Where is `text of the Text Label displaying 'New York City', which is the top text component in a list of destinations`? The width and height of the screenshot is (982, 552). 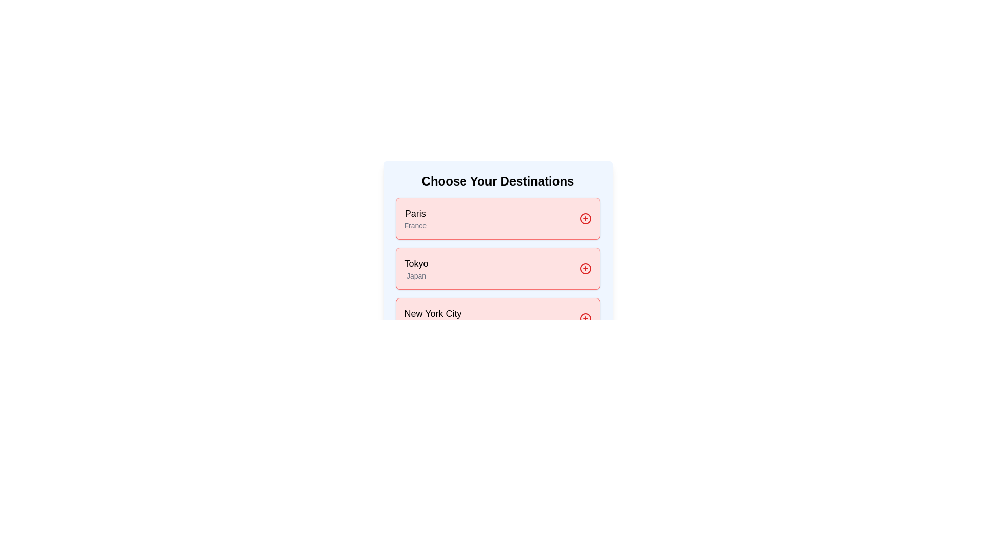
text of the Text Label displaying 'New York City', which is the top text component in a list of destinations is located at coordinates (433, 313).